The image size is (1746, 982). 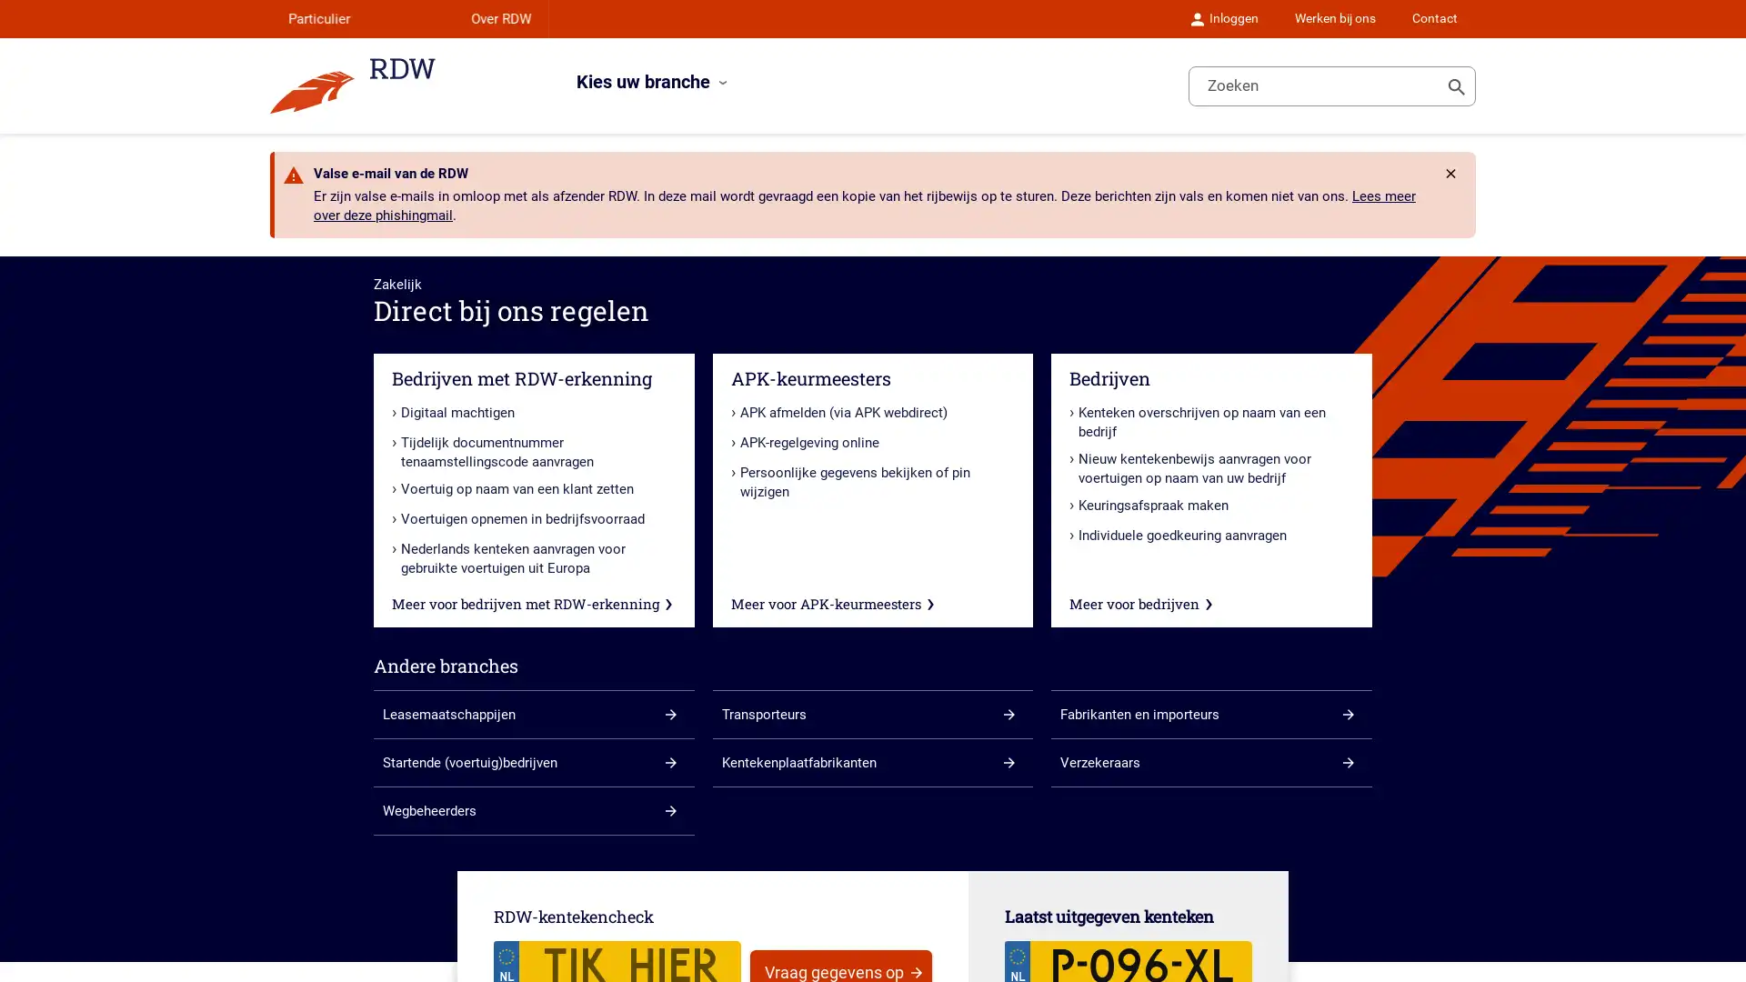 I want to click on Toon zoeken, so click(x=1456, y=86).